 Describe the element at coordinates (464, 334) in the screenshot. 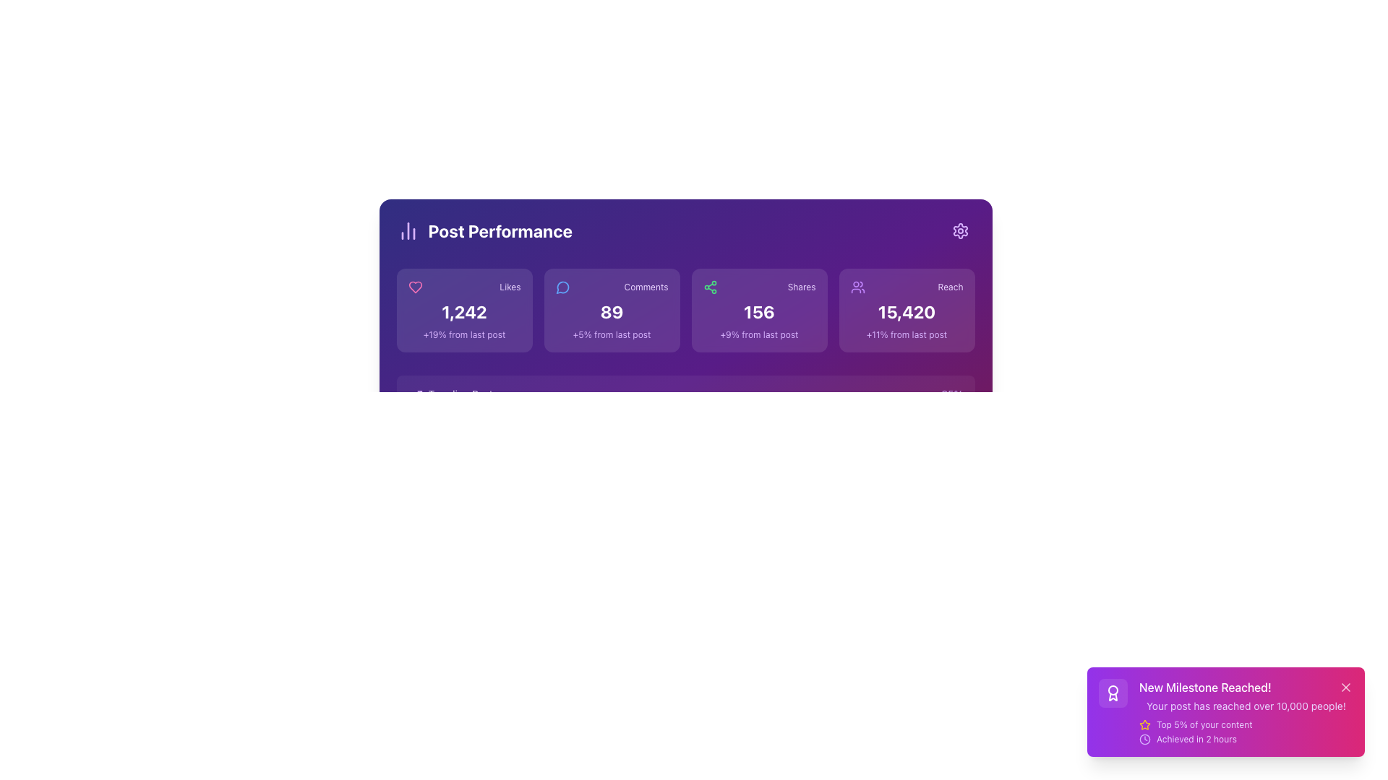

I see `the informational label displaying '+19% from last post', which is styled in light purple color and located below the likes metric in the 'Post Performance' panel` at that location.